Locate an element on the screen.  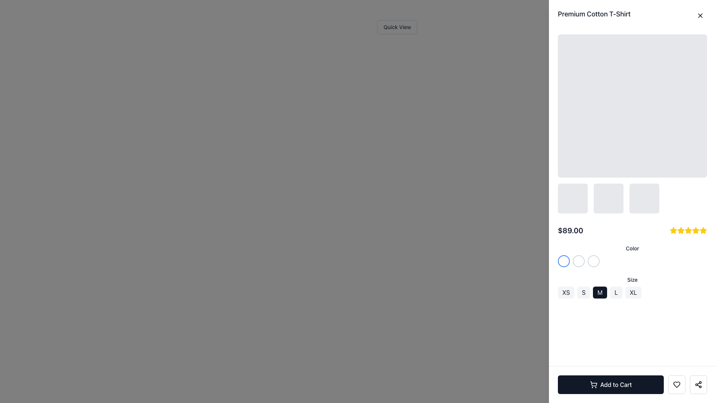
the heart-shaped icon located in the bottom-right corner of the interface to mark it as a favorite is located at coordinates (676, 384).